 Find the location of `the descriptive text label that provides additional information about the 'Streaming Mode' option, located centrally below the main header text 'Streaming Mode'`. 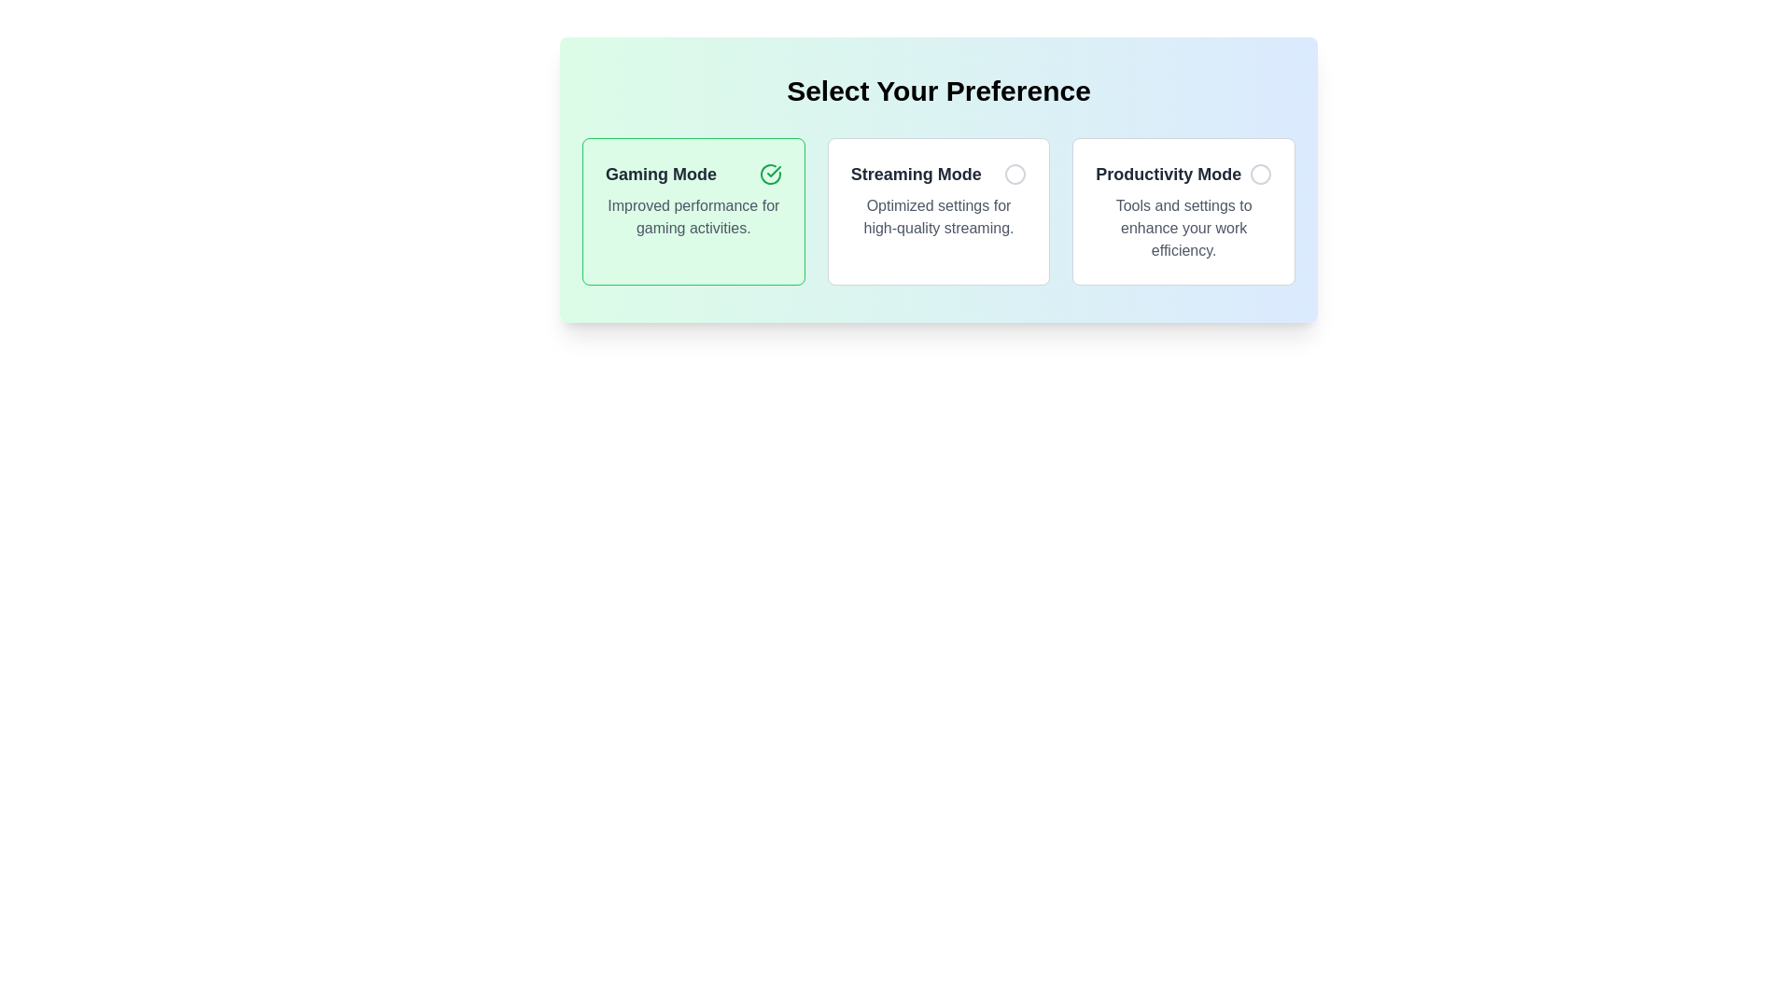

the descriptive text label that provides additional information about the 'Streaming Mode' option, located centrally below the main header text 'Streaming Mode' is located at coordinates (939, 216).